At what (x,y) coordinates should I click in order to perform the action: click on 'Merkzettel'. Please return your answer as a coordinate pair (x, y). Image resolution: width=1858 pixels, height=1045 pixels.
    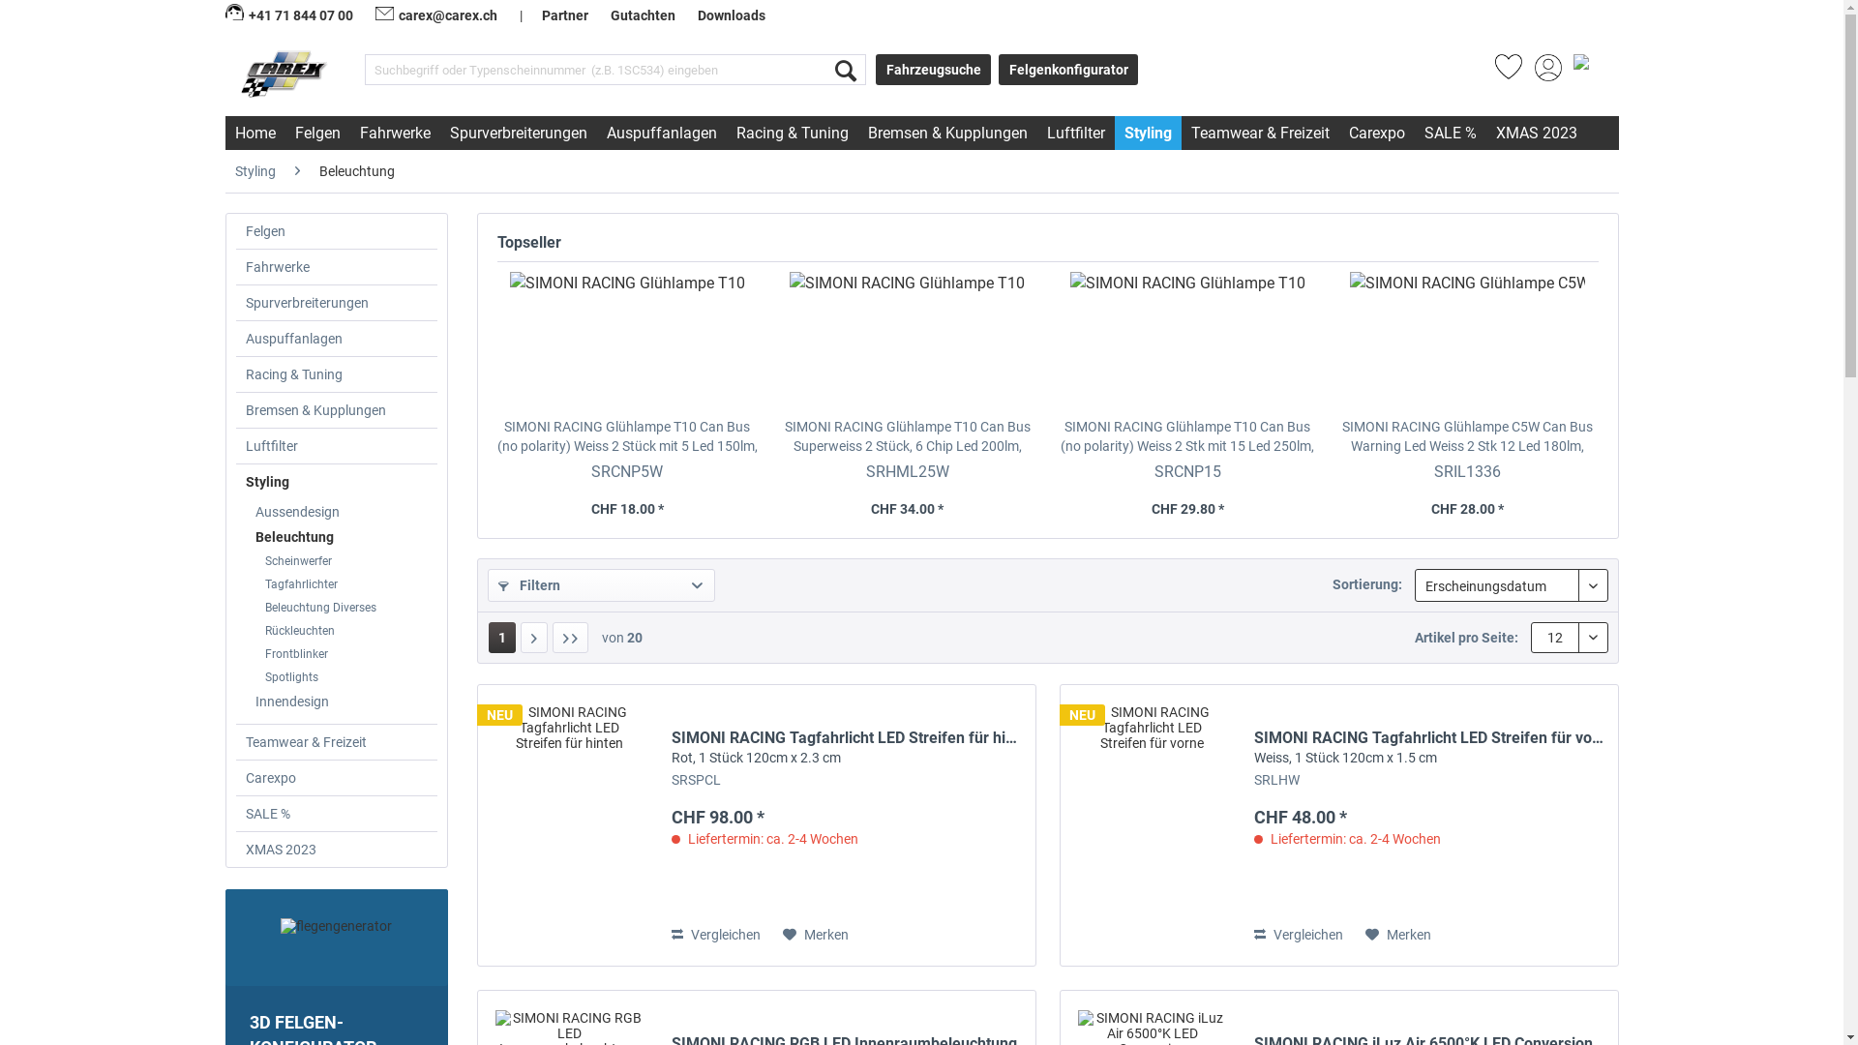
    Looking at the image, I should click on (1507, 73).